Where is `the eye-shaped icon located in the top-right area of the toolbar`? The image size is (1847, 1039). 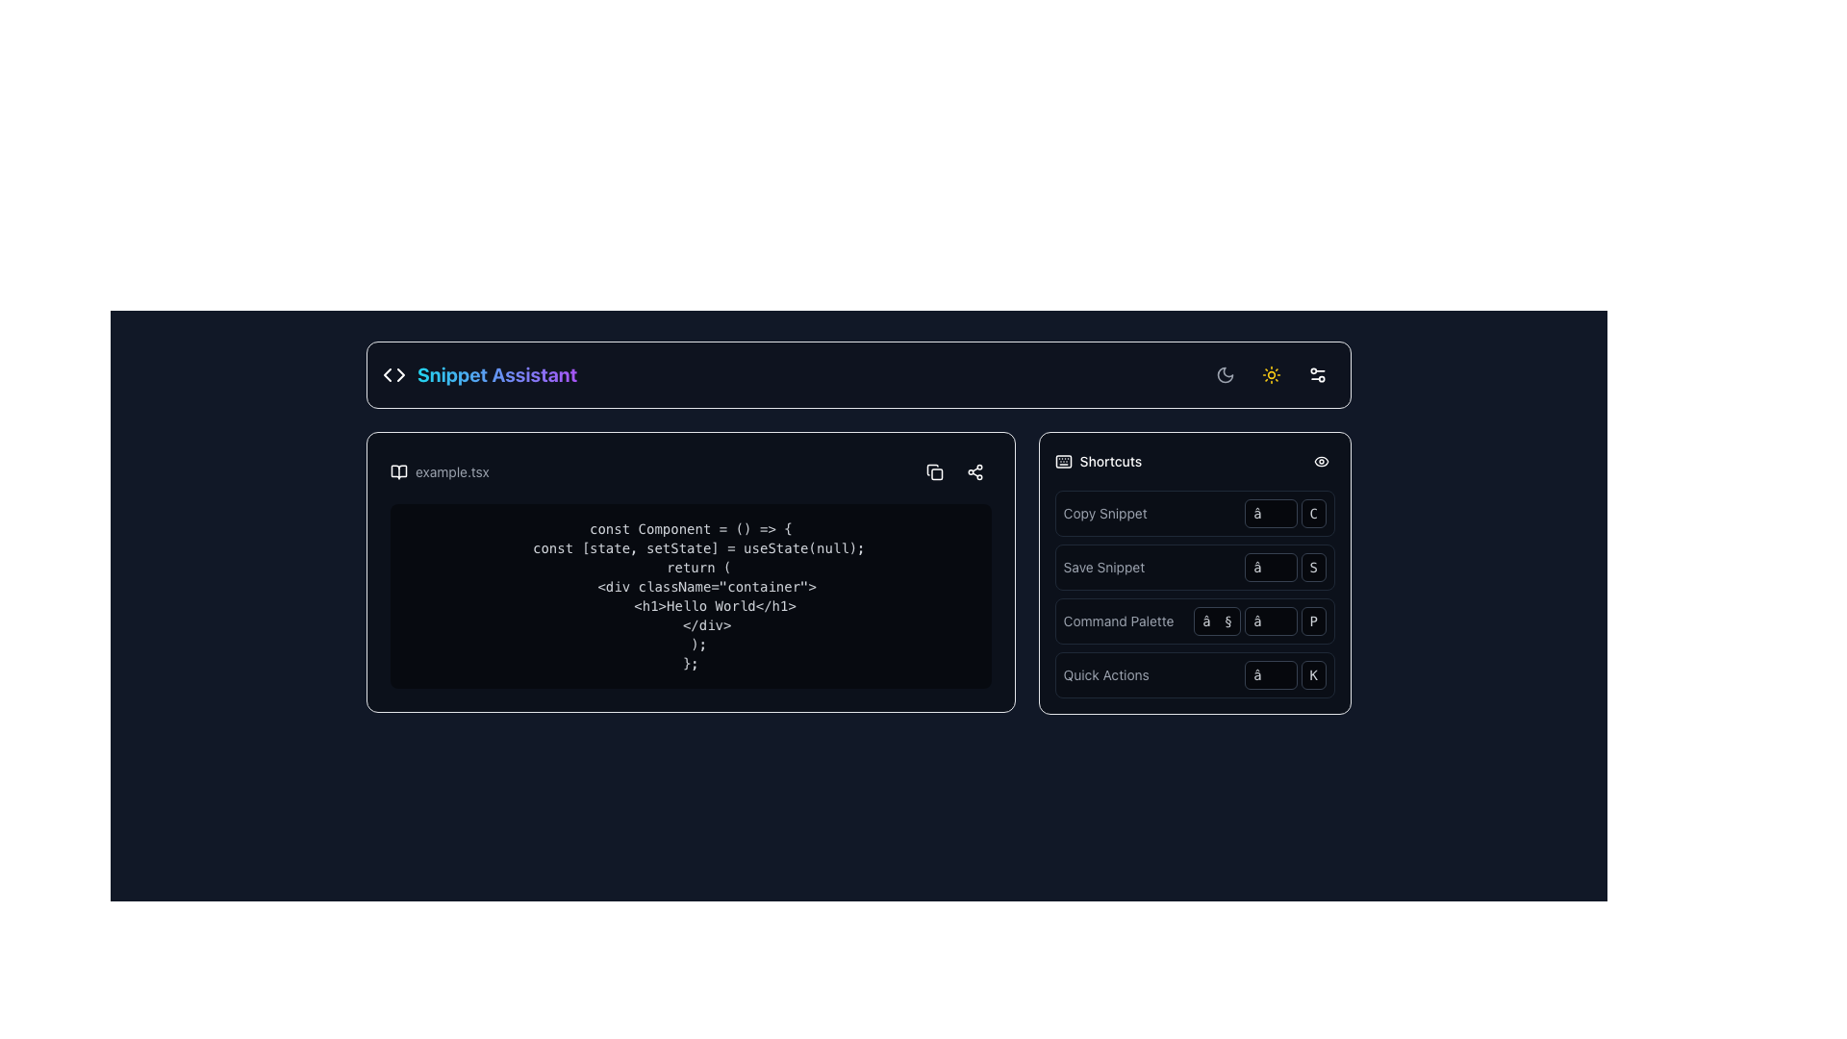 the eye-shaped icon located in the top-right area of the toolbar is located at coordinates (1320, 461).